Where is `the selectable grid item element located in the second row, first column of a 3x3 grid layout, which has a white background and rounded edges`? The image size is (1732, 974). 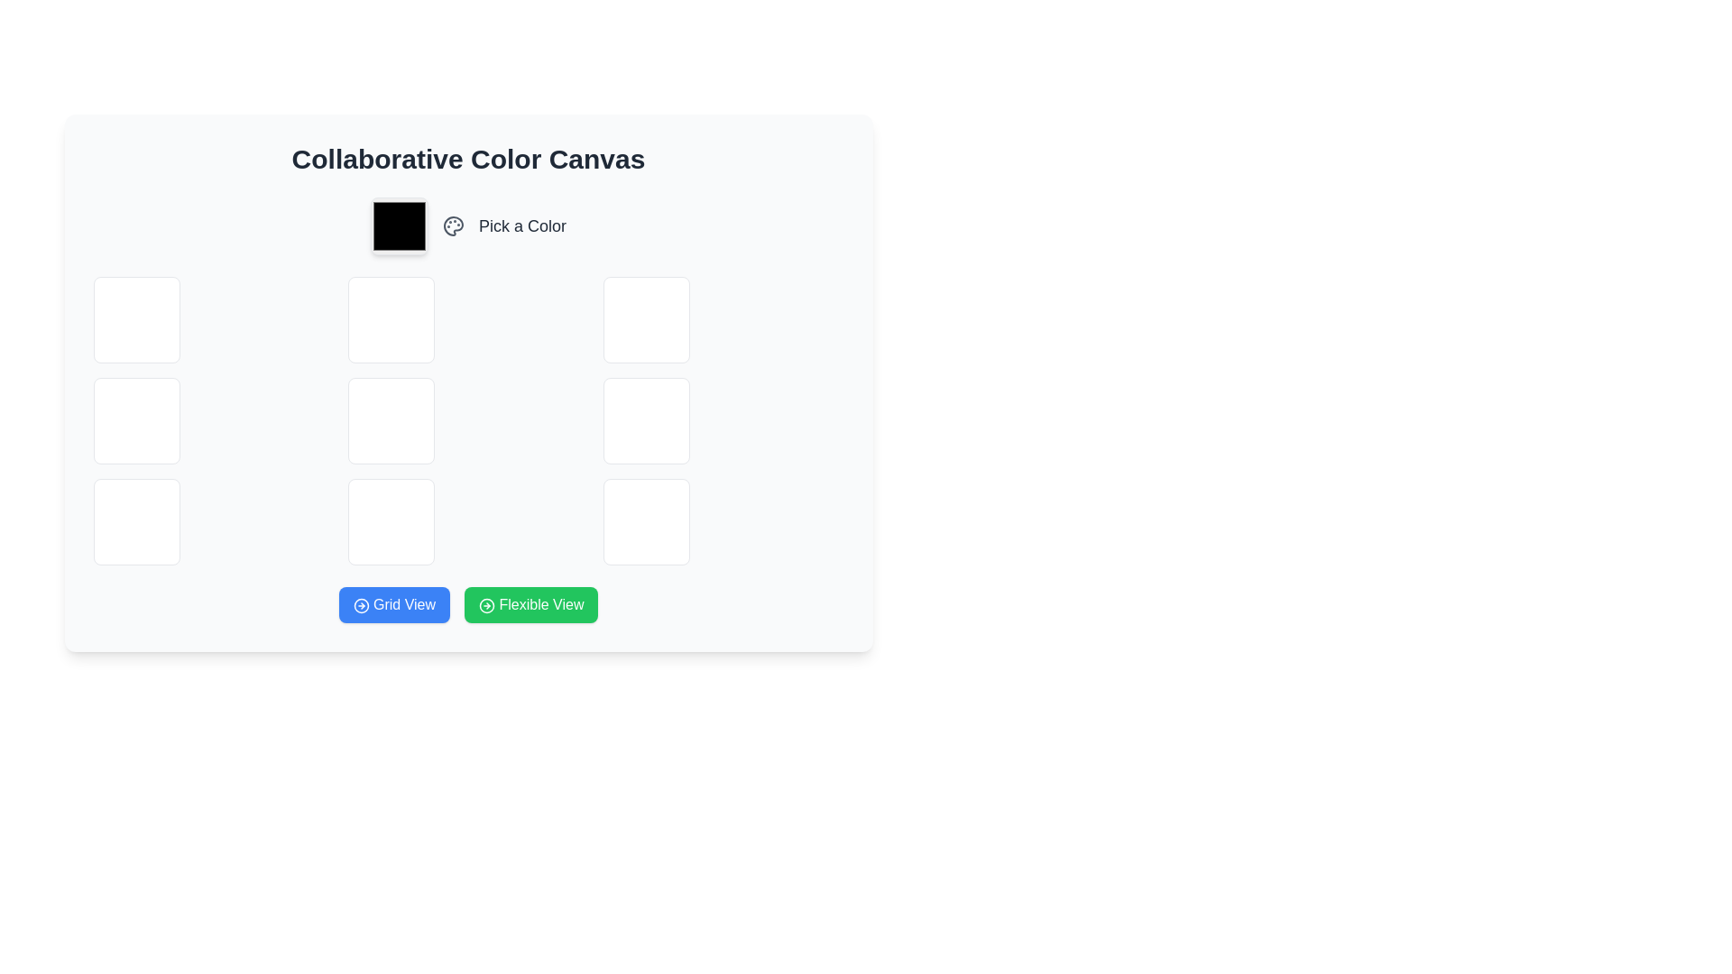 the selectable grid item element located in the second row, first column of a 3x3 grid layout, which has a white background and rounded edges is located at coordinates (135, 420).